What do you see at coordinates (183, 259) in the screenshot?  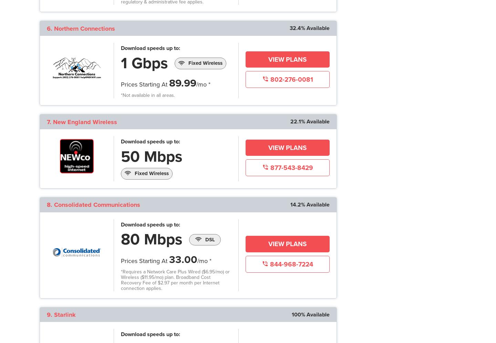 I see `'33.00'` at bounding box center [183, 259].